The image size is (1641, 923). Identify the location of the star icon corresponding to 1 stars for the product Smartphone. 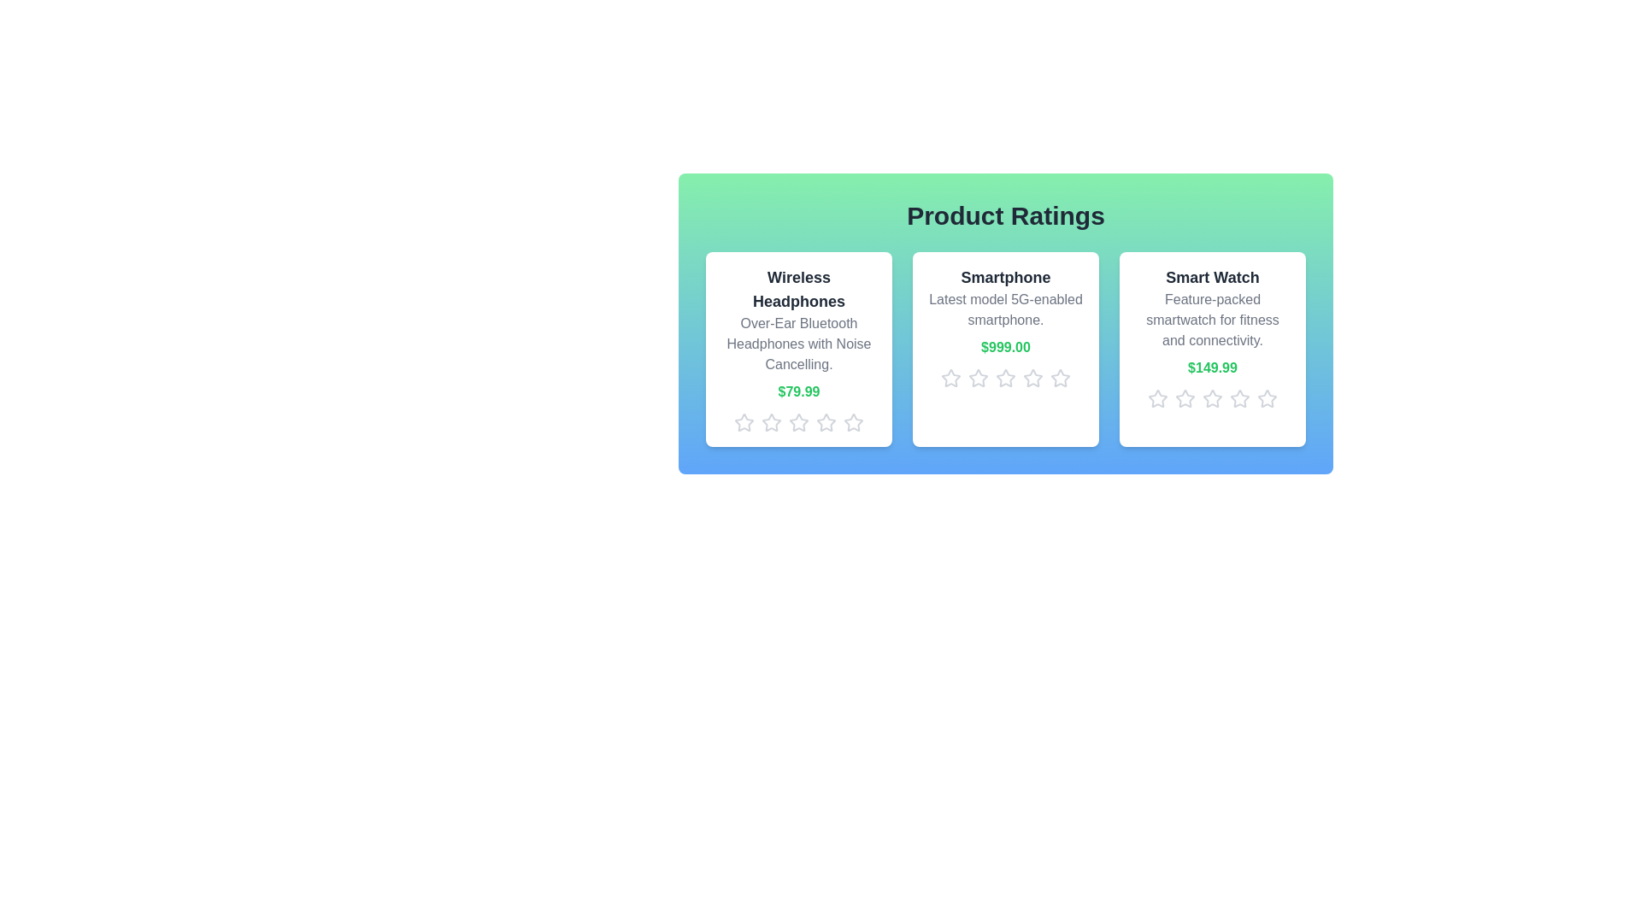
(950, 378).